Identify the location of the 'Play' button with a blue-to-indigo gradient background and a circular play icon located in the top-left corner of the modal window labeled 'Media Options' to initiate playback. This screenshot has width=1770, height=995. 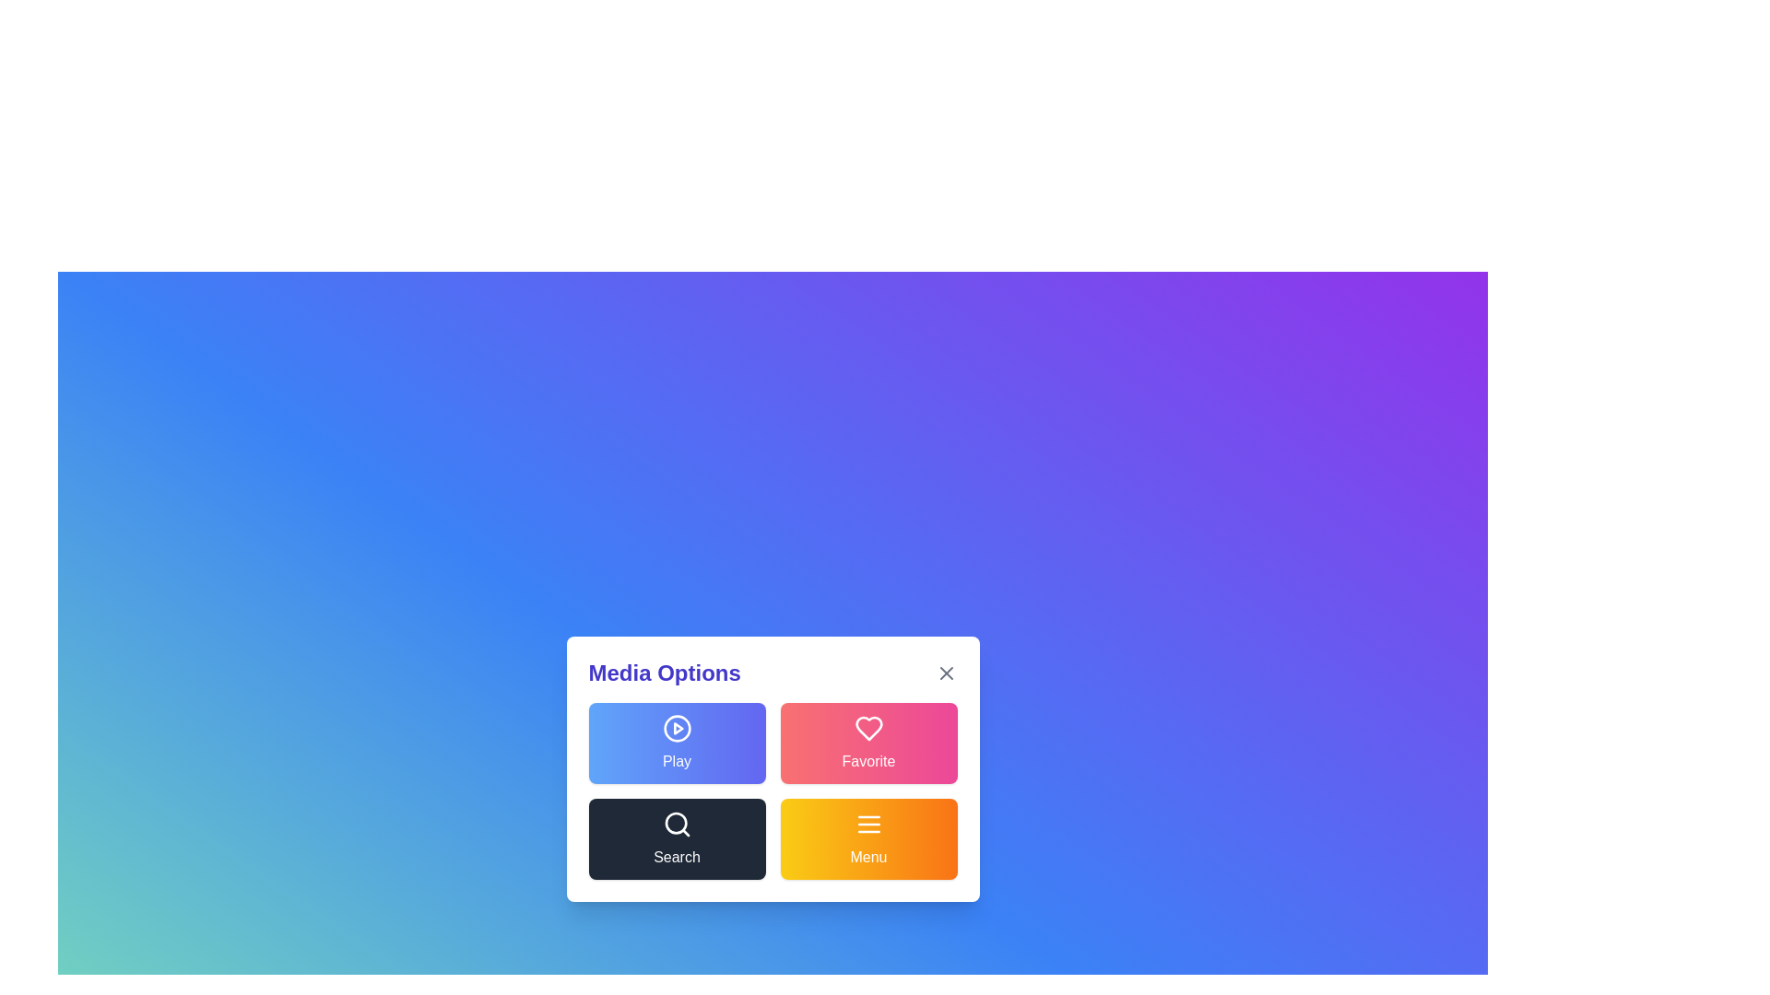
(676, 742).